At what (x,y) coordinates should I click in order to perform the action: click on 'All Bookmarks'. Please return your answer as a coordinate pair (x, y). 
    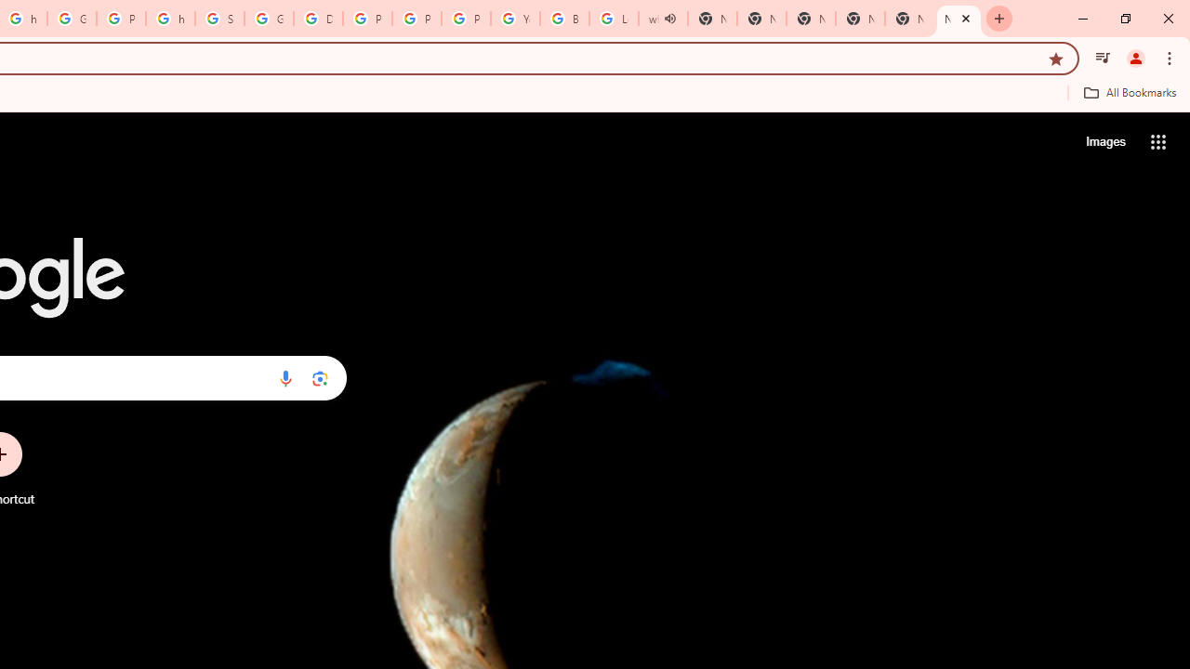
    Looking at the image, I should click on (1129, 92).